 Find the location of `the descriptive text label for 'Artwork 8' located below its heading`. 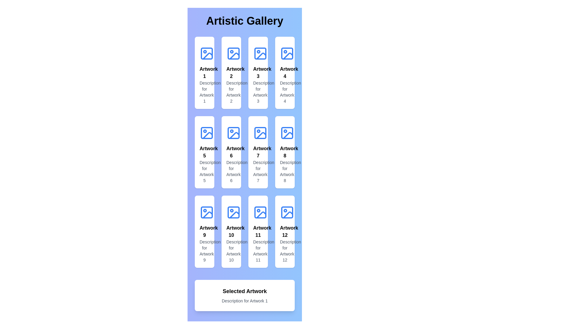

the descriptive text label for 'Artwork 8' located below its heading is located at coordinates (284, 172).